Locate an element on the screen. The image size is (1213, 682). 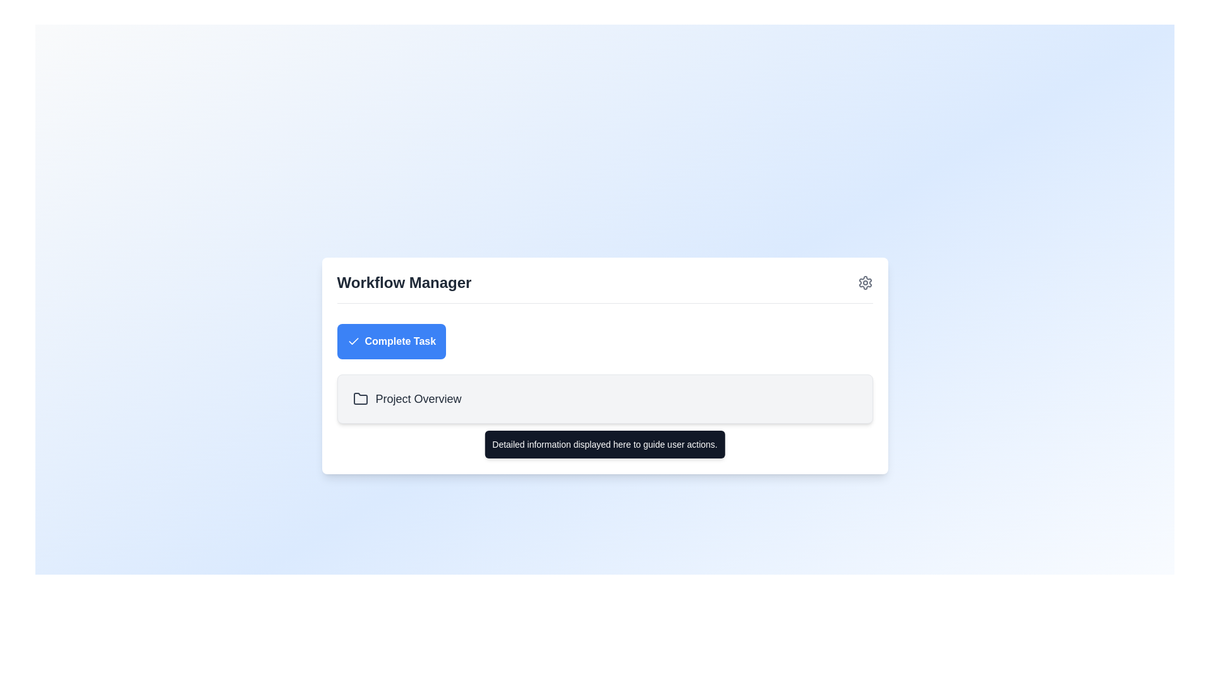
the folder icon located next to the 'Project Overview' text, which signifies the project overview section is located at coordinates (359, 398).